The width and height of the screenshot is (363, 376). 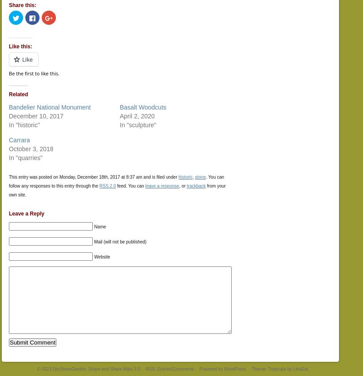 What do you see at coordinates (107, 185) in the screenshot?
I see `'RSS 2.0'` at bounding box center [107, 185].